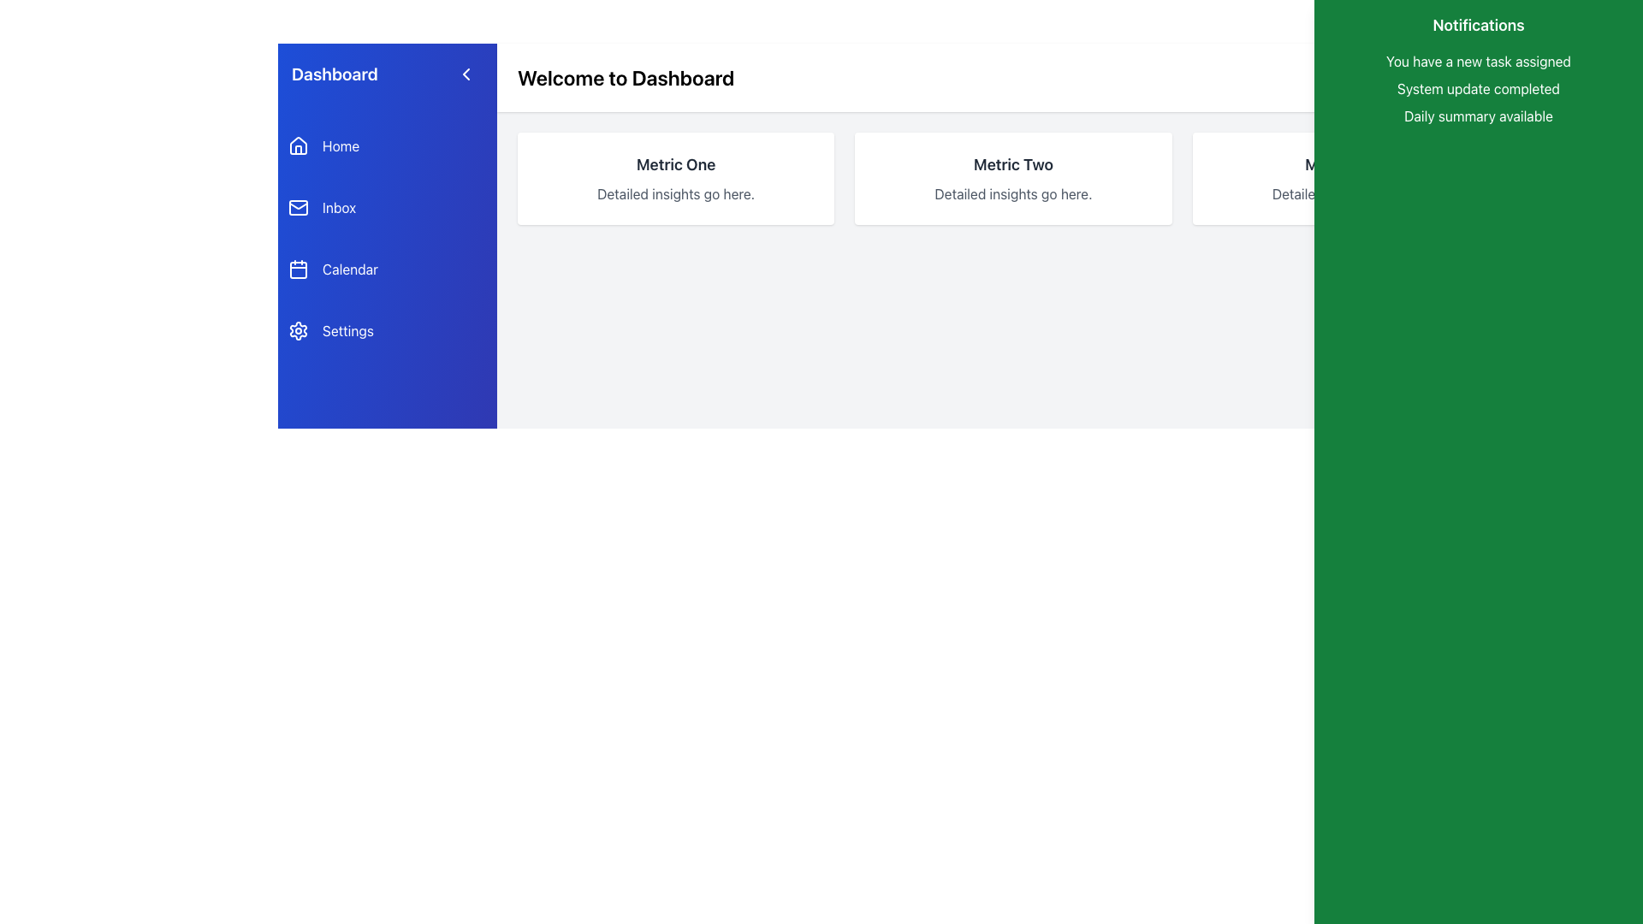 This screenshot has width=1643, height=924. Describe the element at coordinates (386, 207) in the screenshot. I see `the navigation button for 'Inbox' located below the 'Home' option and above 'Calendar' in the left sidebar` at that location.